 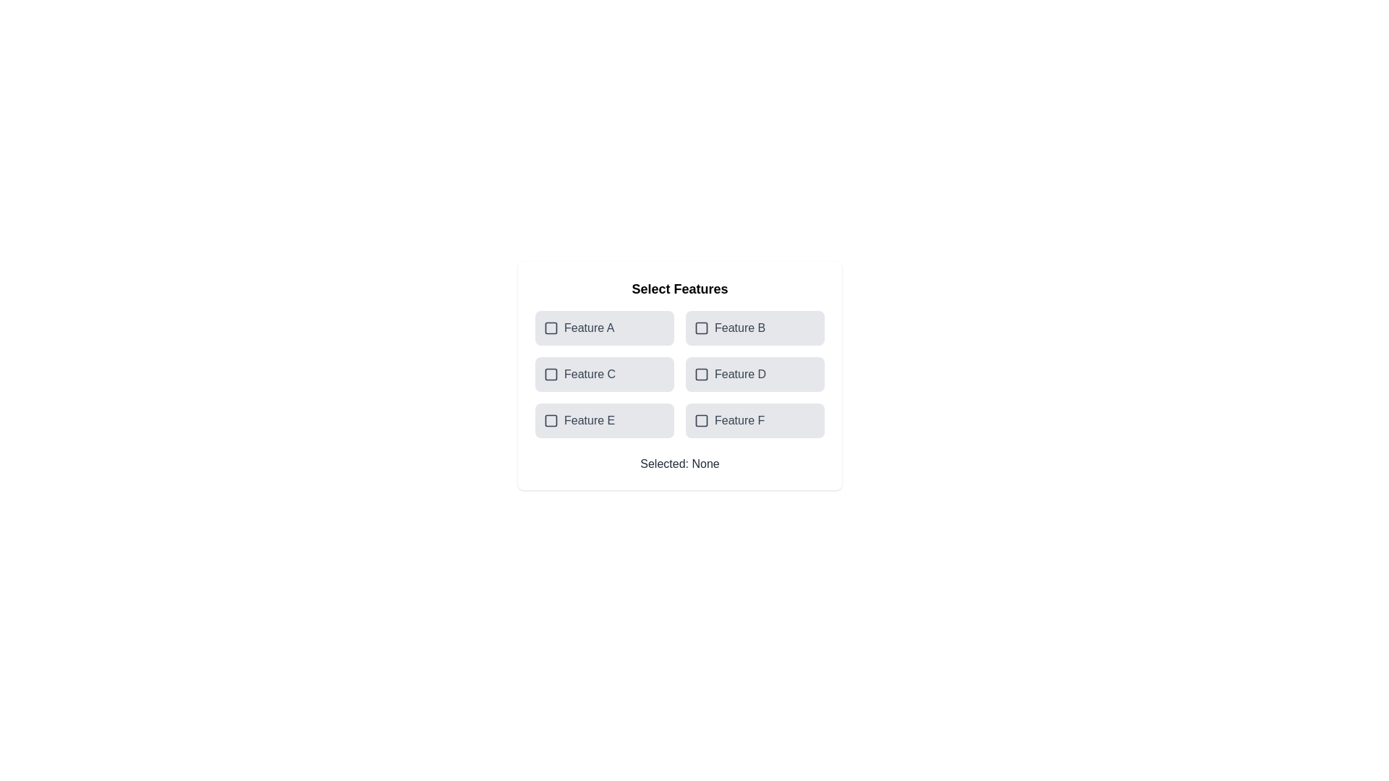 I want to click on the Text Label displaying 'Feature A' which is positioned in the top-left cell of the feature selection matrix with a light gray background, so click(x=589, y=328).